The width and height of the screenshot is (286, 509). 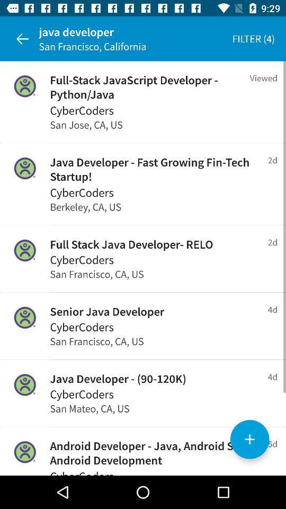 I want to click on the add icon, so click(x=249, y=439).